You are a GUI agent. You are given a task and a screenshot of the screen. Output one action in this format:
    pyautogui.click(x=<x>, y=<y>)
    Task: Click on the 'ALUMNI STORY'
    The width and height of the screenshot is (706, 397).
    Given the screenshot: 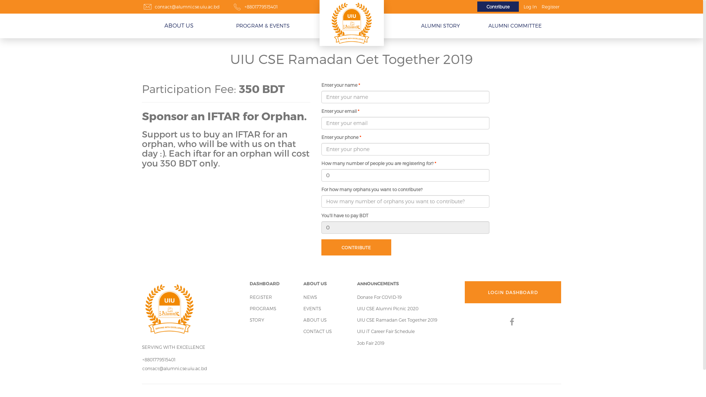 What is the action you would take?
    pyautogui.click(x=440, y=25)
    